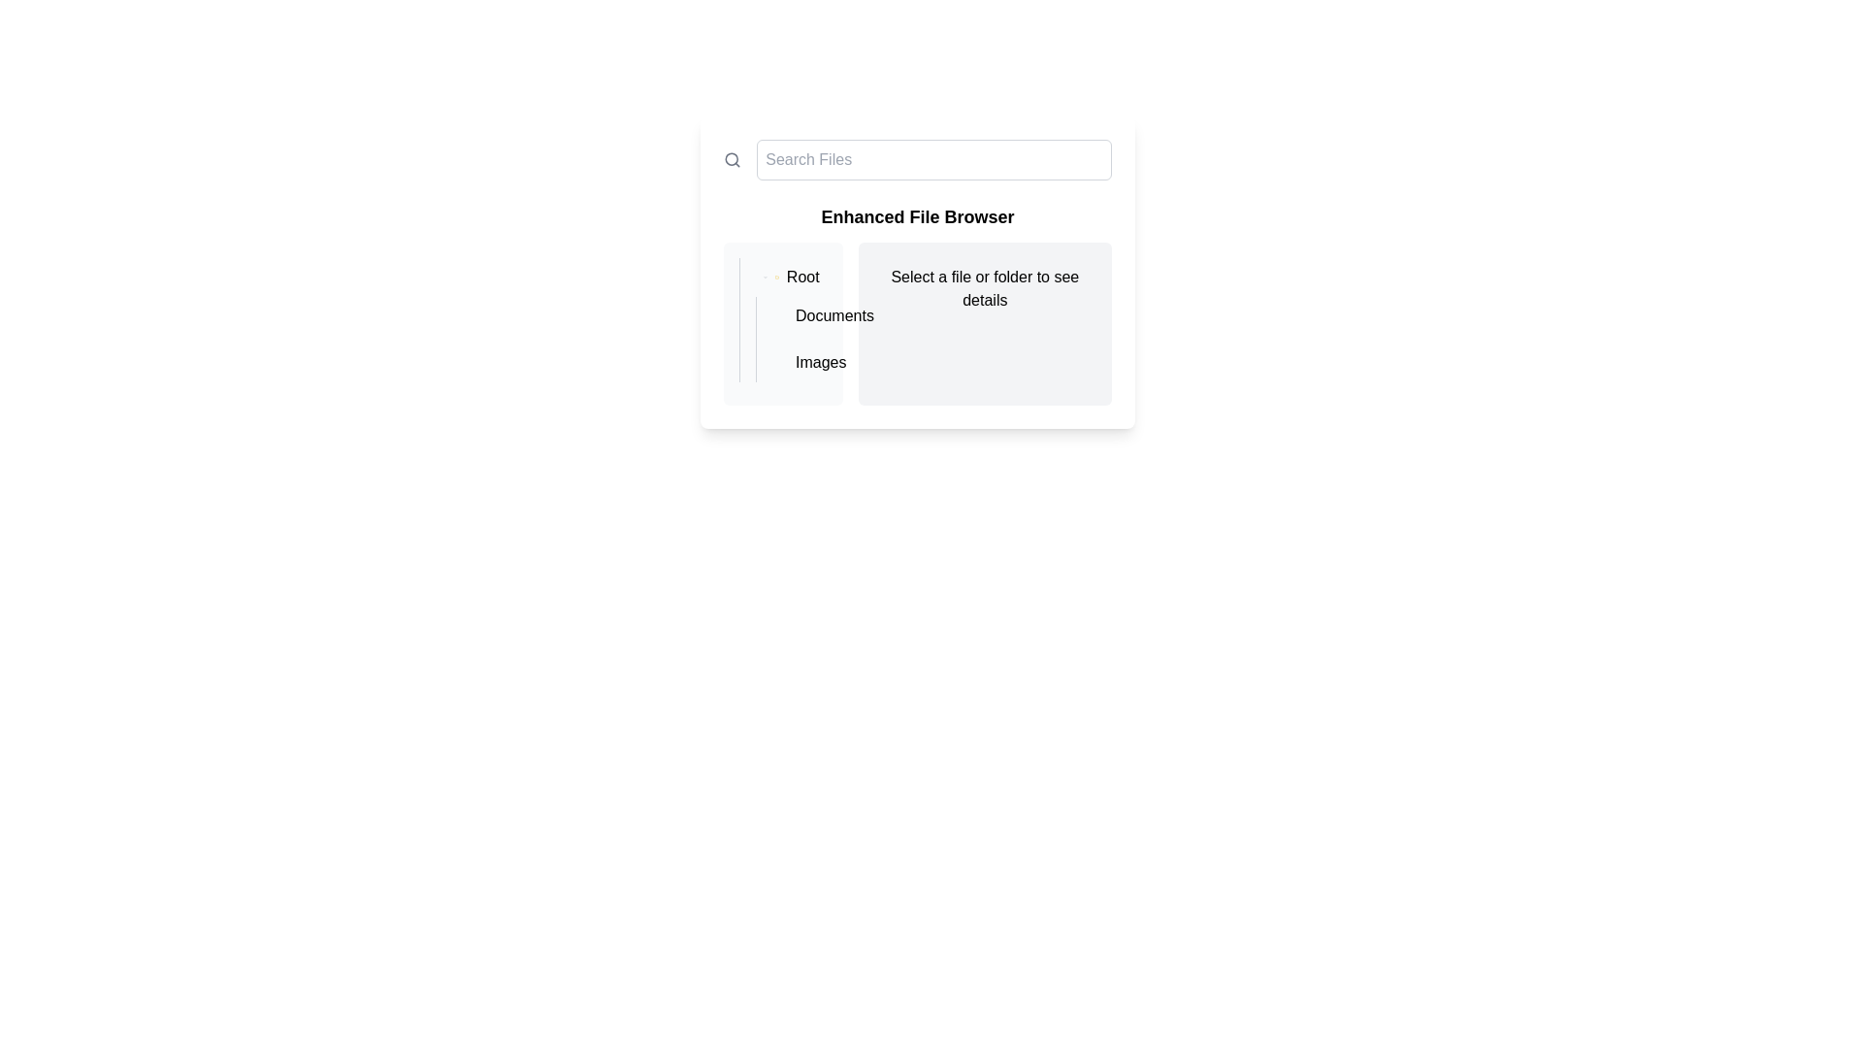  Describe the element at coordinates (783, 319) in the screenshot. I see `the 'Documents' directory node in the hierarchical file browser` at that location.